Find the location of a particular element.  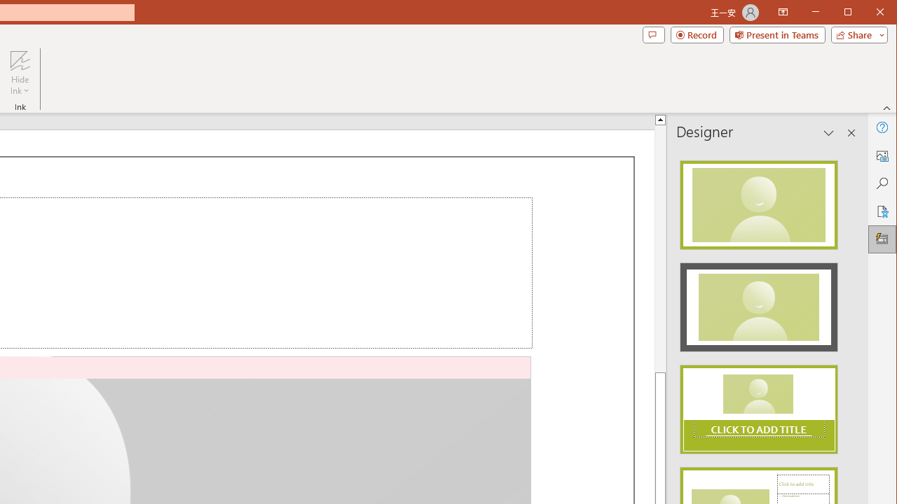

'Maximize' is located at coordinates (868, 13).